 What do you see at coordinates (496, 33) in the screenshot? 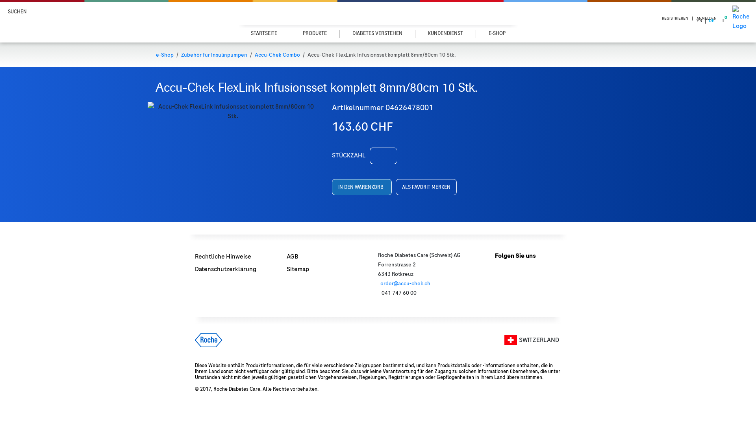
I see `'E-SHOP'` at bounding box center [496, 33].